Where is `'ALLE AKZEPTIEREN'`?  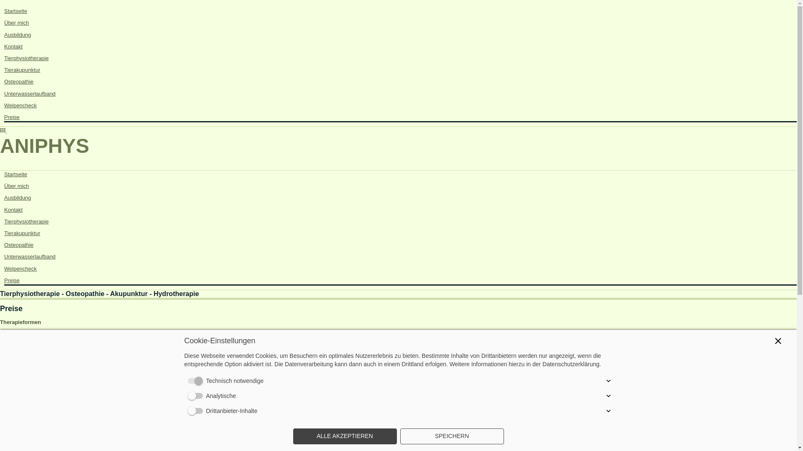 'ALLE AKZEPTIEREN' is located at coordinates (345, 436).